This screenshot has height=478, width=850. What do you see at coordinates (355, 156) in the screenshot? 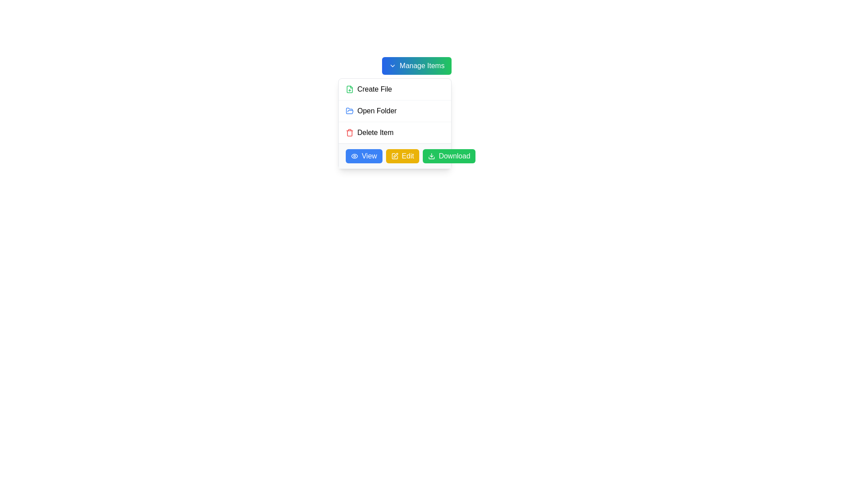
I see `the eye-shaped icon within the 'View' button to initiate the associated action` at bounding box center [355, 156].